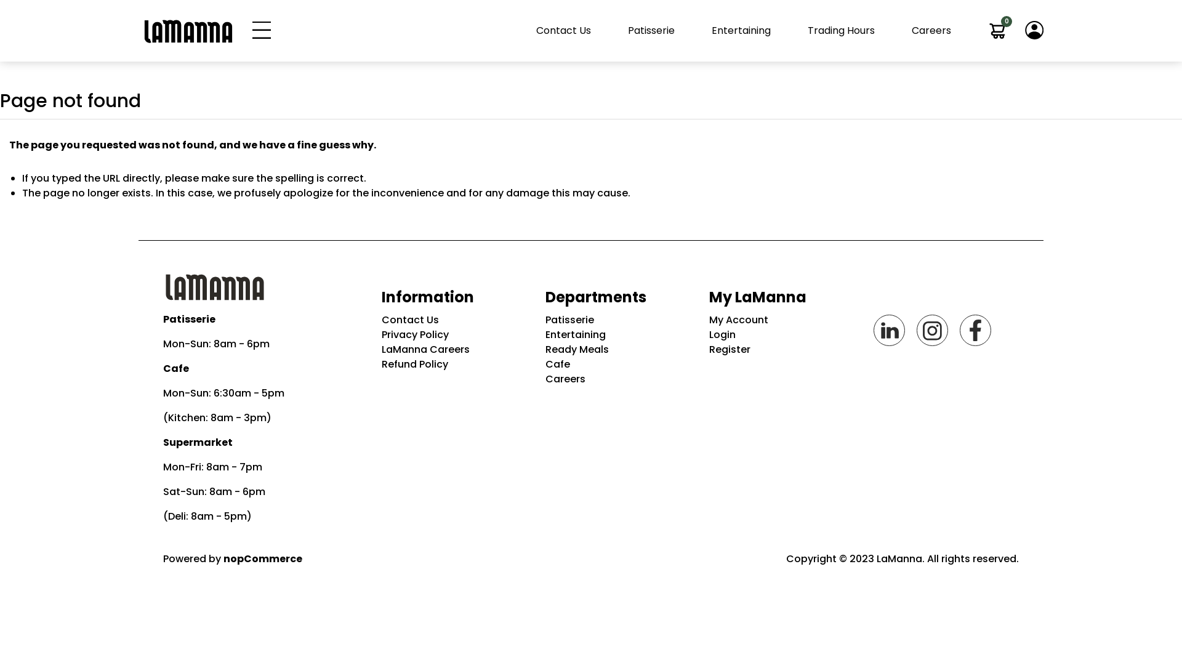  Describe the element at coordinates (617, 334) in the screenshot. I see `'Entertaining'` at that location.